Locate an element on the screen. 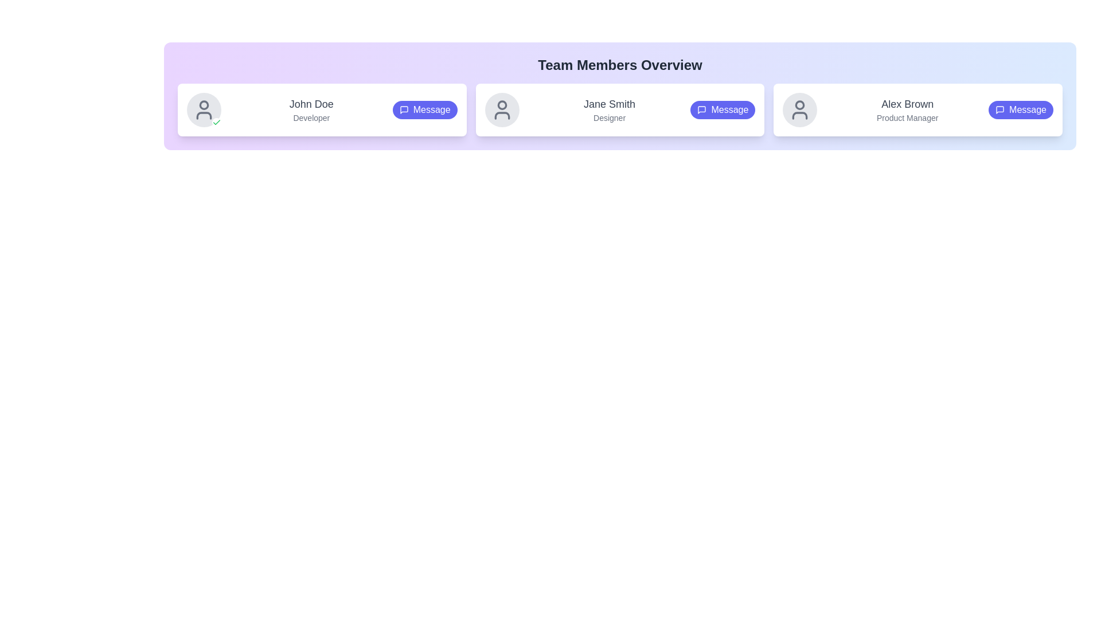 The image size is (1101, 619). the user avatar icon for 'Alex Brown', which is a gray circular figure located in the top-left corner of the profile card in the 'Team Members Overview' section is located at coordinates (799, 110).